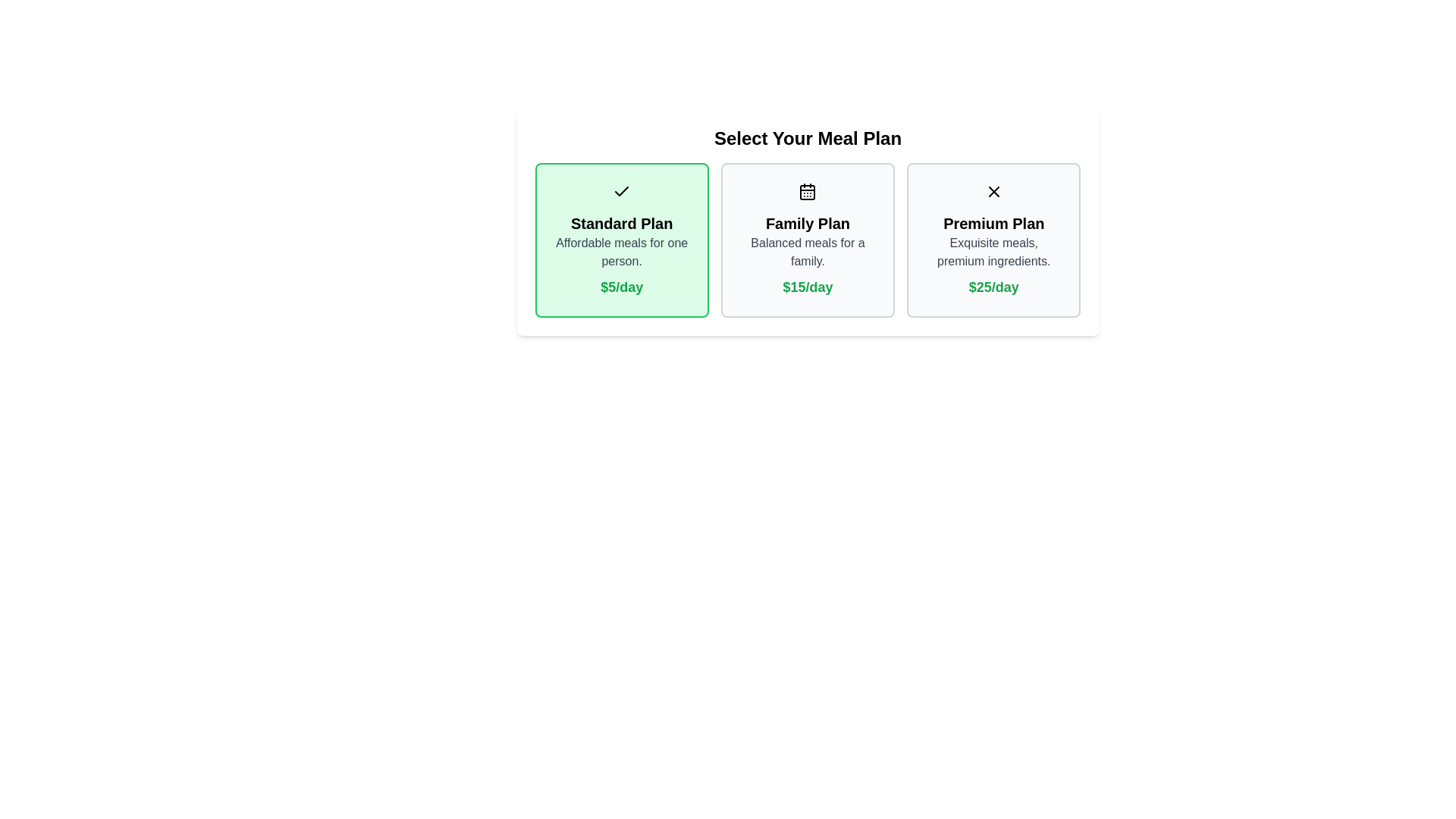  Describe the element at coordinates (993, 239) in the screenshot. I see `the 'Premium Plan' card, which features a light gray background, rounded corners, a centered 'X' icon, the title 'Premium Plan', a description of 'Exquisite meals, premium ingredients.', and a price of '$25/day' in green text` at that location.